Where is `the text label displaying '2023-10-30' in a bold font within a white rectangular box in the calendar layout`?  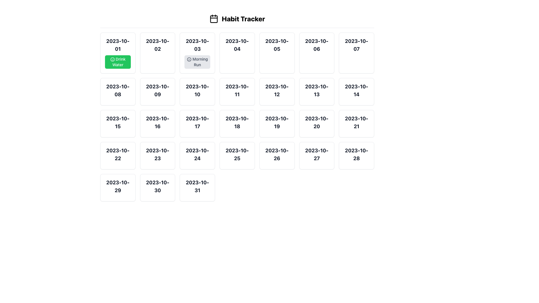 the text label displaying '2023-10-30' in a bold font within a white rectangular box in the calendar layout is located at coordinates (157, 186).